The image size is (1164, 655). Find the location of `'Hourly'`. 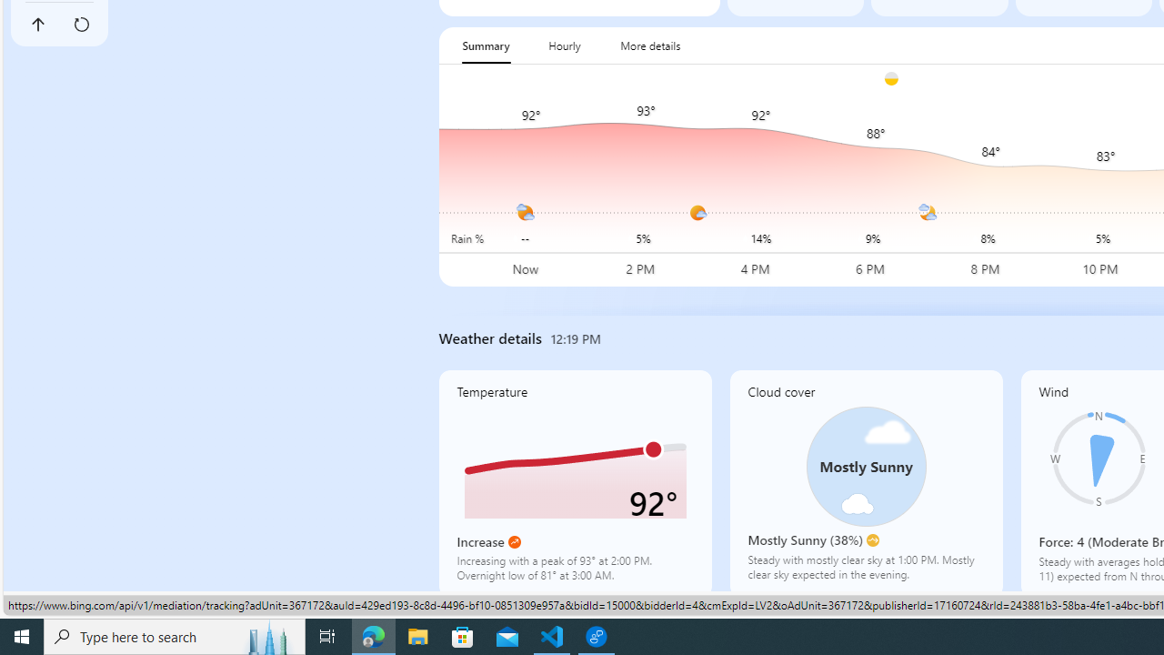

'Hourly' is located at coordinates (563, 45).